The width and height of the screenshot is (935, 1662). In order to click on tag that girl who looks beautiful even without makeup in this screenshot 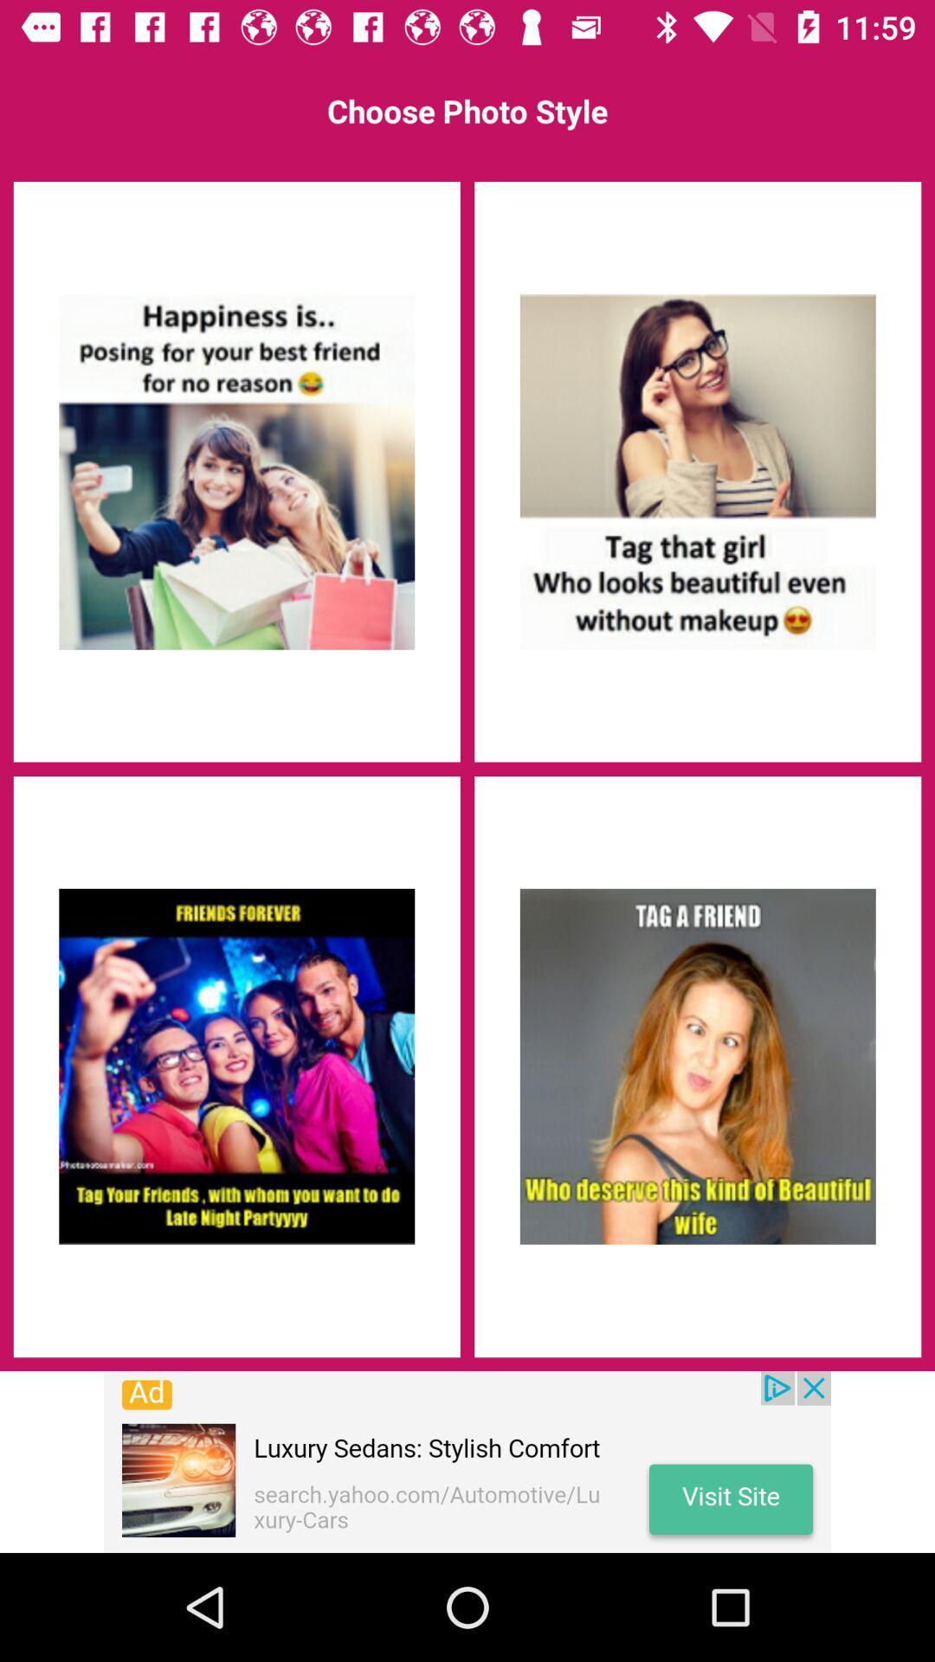, I will do `click(697, 472)`.